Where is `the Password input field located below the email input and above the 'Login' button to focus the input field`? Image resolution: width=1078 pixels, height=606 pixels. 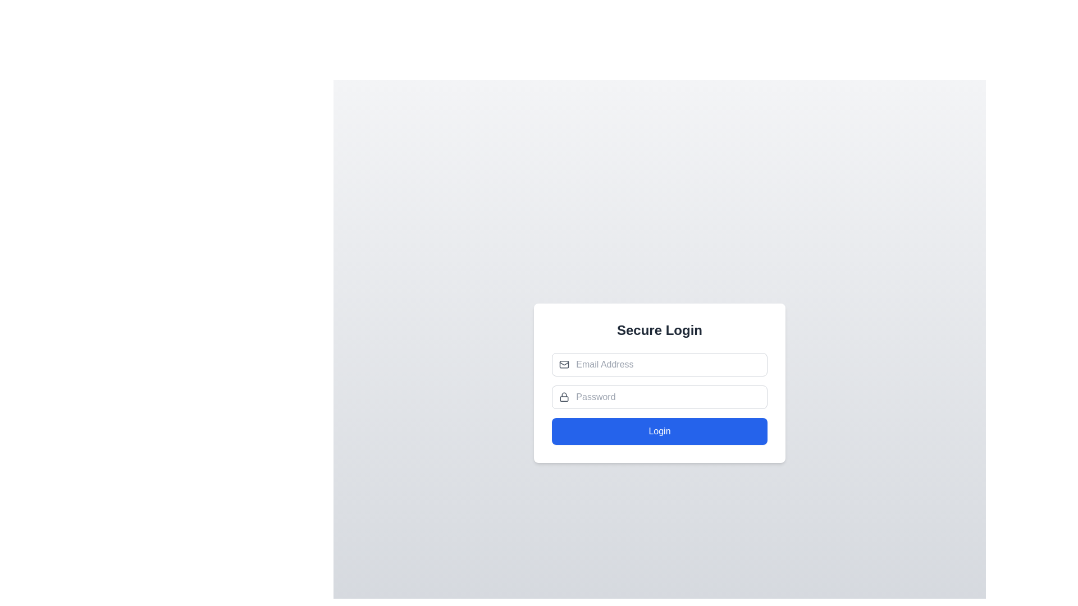
the Password input field located below the email input and above the 'Login' button to focus the input field is located at coordinates (660, 397).